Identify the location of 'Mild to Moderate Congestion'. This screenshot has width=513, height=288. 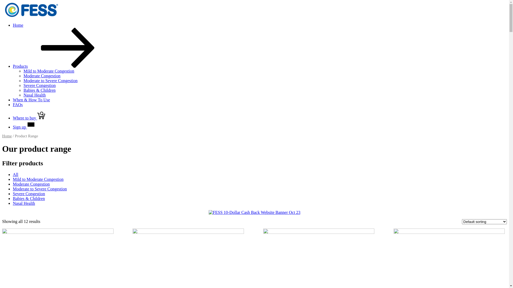
(23, 71).